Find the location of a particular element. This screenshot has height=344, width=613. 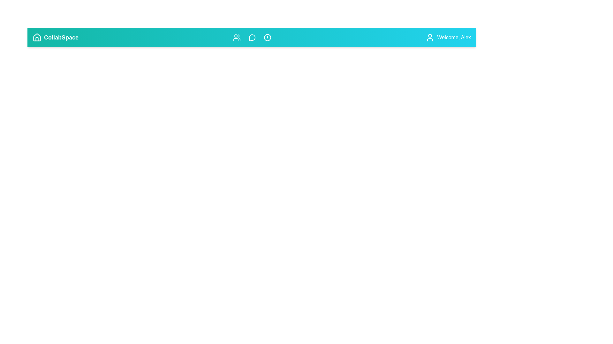

the icon labeled Messages to view its tooltip is located at coordinates (252, 38).